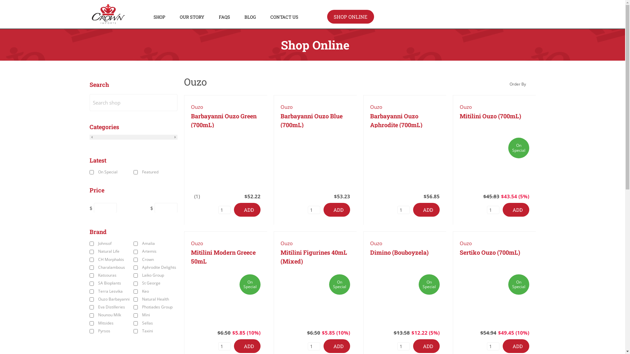  I want to click on 'FAQS', so click(224, 17).